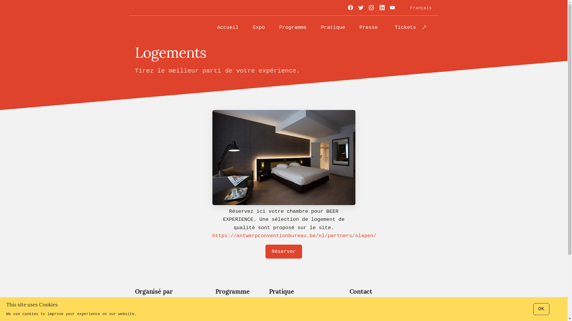 This screenshot has height=321, width=572. I want to click on 'Programme', so click(271, 27).